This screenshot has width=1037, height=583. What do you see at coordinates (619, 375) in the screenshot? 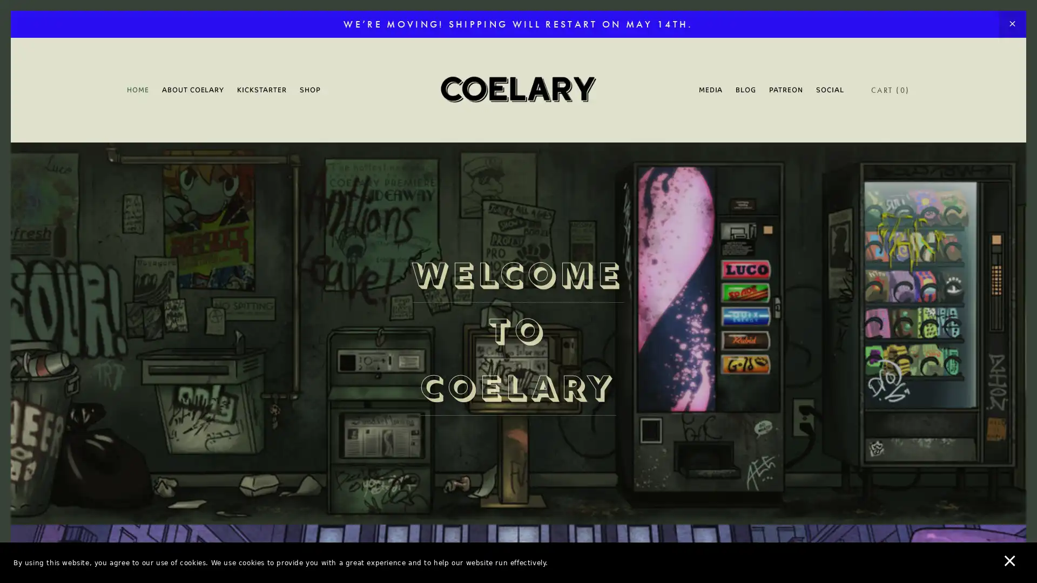
I see `Subscribe` at bounding box center [619, 375].